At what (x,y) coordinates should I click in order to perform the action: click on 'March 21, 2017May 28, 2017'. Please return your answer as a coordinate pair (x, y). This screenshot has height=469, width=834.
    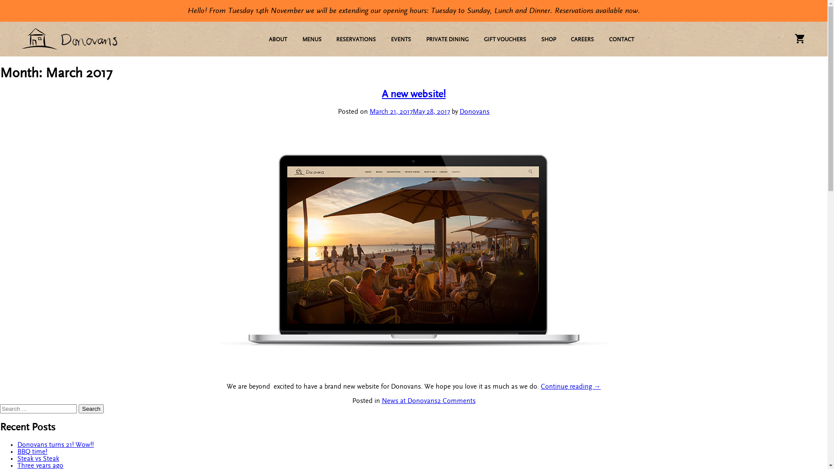
    Looking at the image, I should click on (409, 111).